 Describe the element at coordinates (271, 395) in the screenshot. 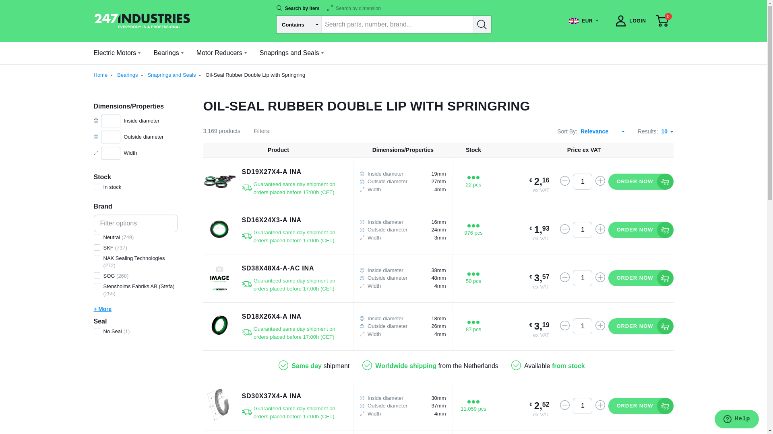

I see `'SD30X37X4-A INA'` at that location.